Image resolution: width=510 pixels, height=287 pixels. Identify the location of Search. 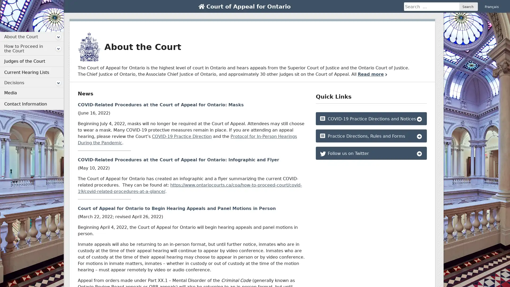
(468, 6).